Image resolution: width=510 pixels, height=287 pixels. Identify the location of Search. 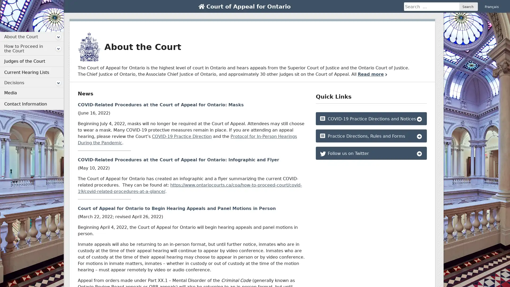
(468, 6).